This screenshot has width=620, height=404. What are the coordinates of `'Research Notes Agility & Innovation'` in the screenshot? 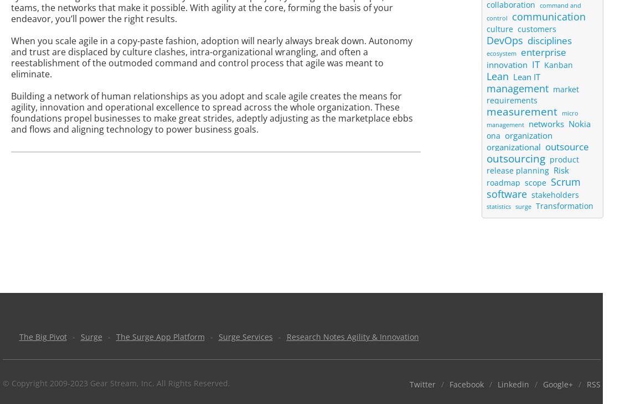 It's located at (352, 336).